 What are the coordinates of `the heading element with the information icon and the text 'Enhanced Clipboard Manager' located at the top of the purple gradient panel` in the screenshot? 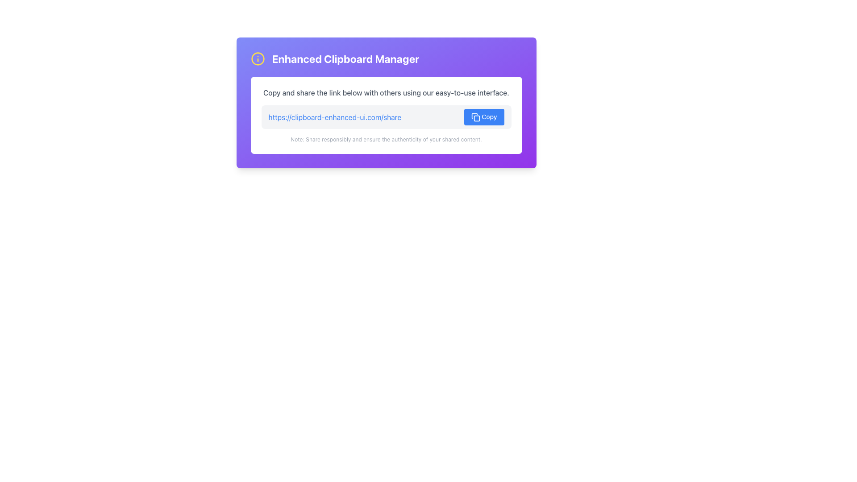 It's located at (386, 58).